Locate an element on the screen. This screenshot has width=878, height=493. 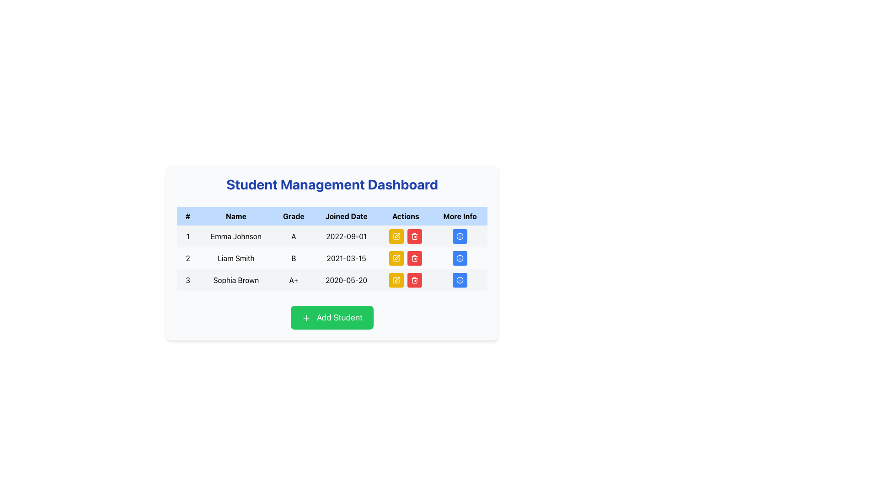
the trash icon in the Action column for the row corresponding to Sophia Brown is located at coordinates (414, 280).